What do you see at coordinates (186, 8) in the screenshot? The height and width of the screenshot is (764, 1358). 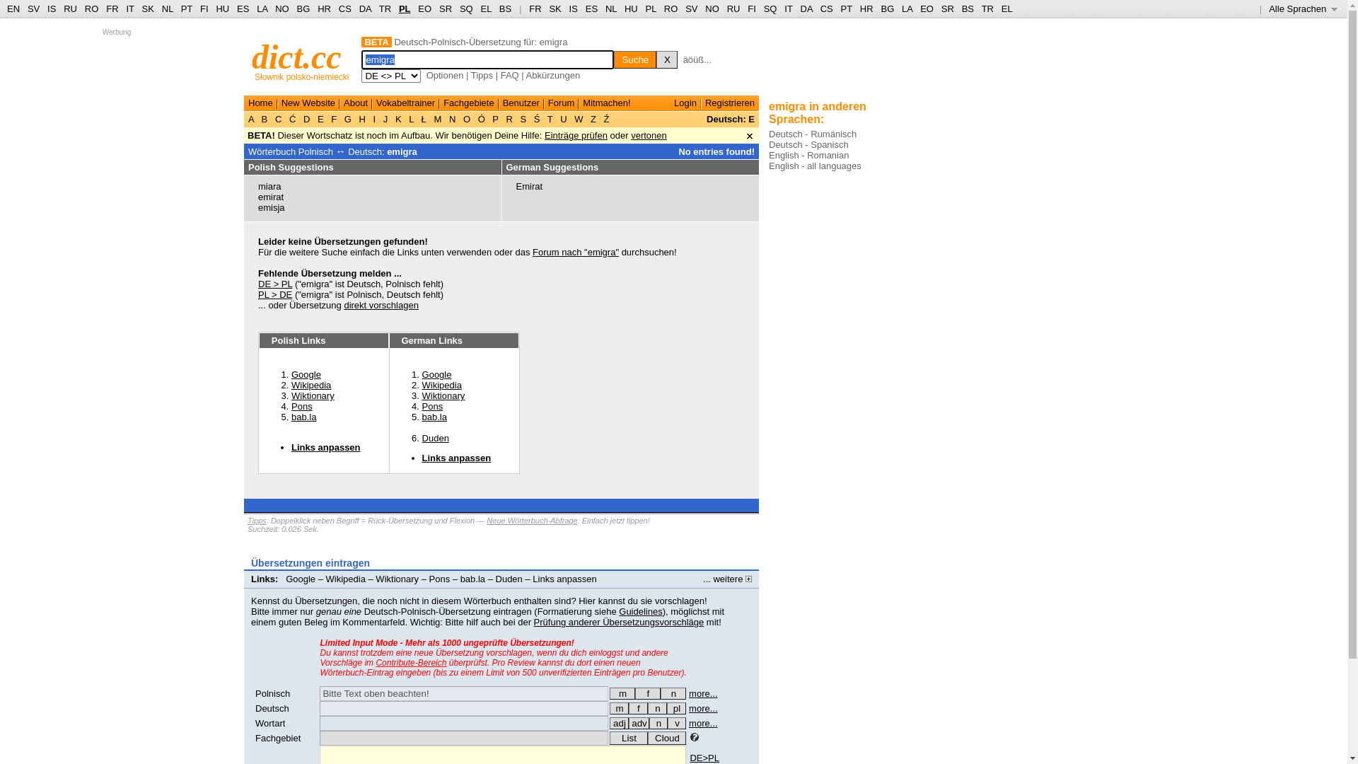 I see `'PT'` at bounding box center [186, 8].